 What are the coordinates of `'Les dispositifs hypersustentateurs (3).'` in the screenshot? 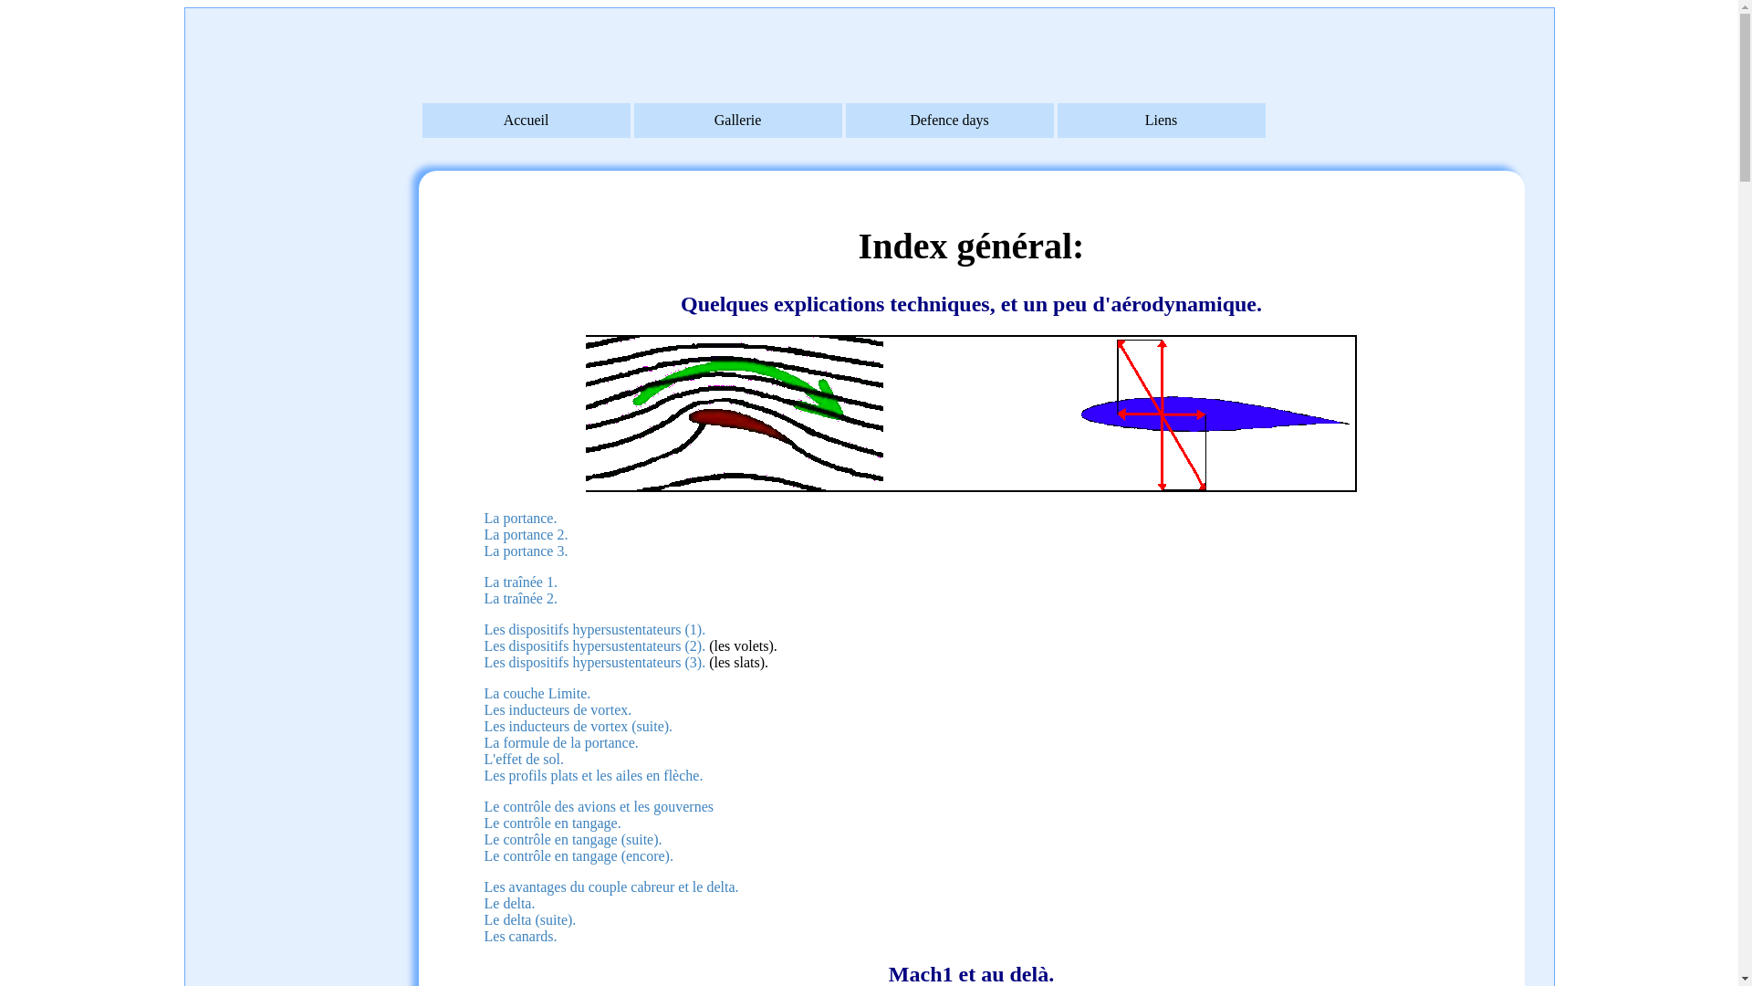 It's located at (483, 661).